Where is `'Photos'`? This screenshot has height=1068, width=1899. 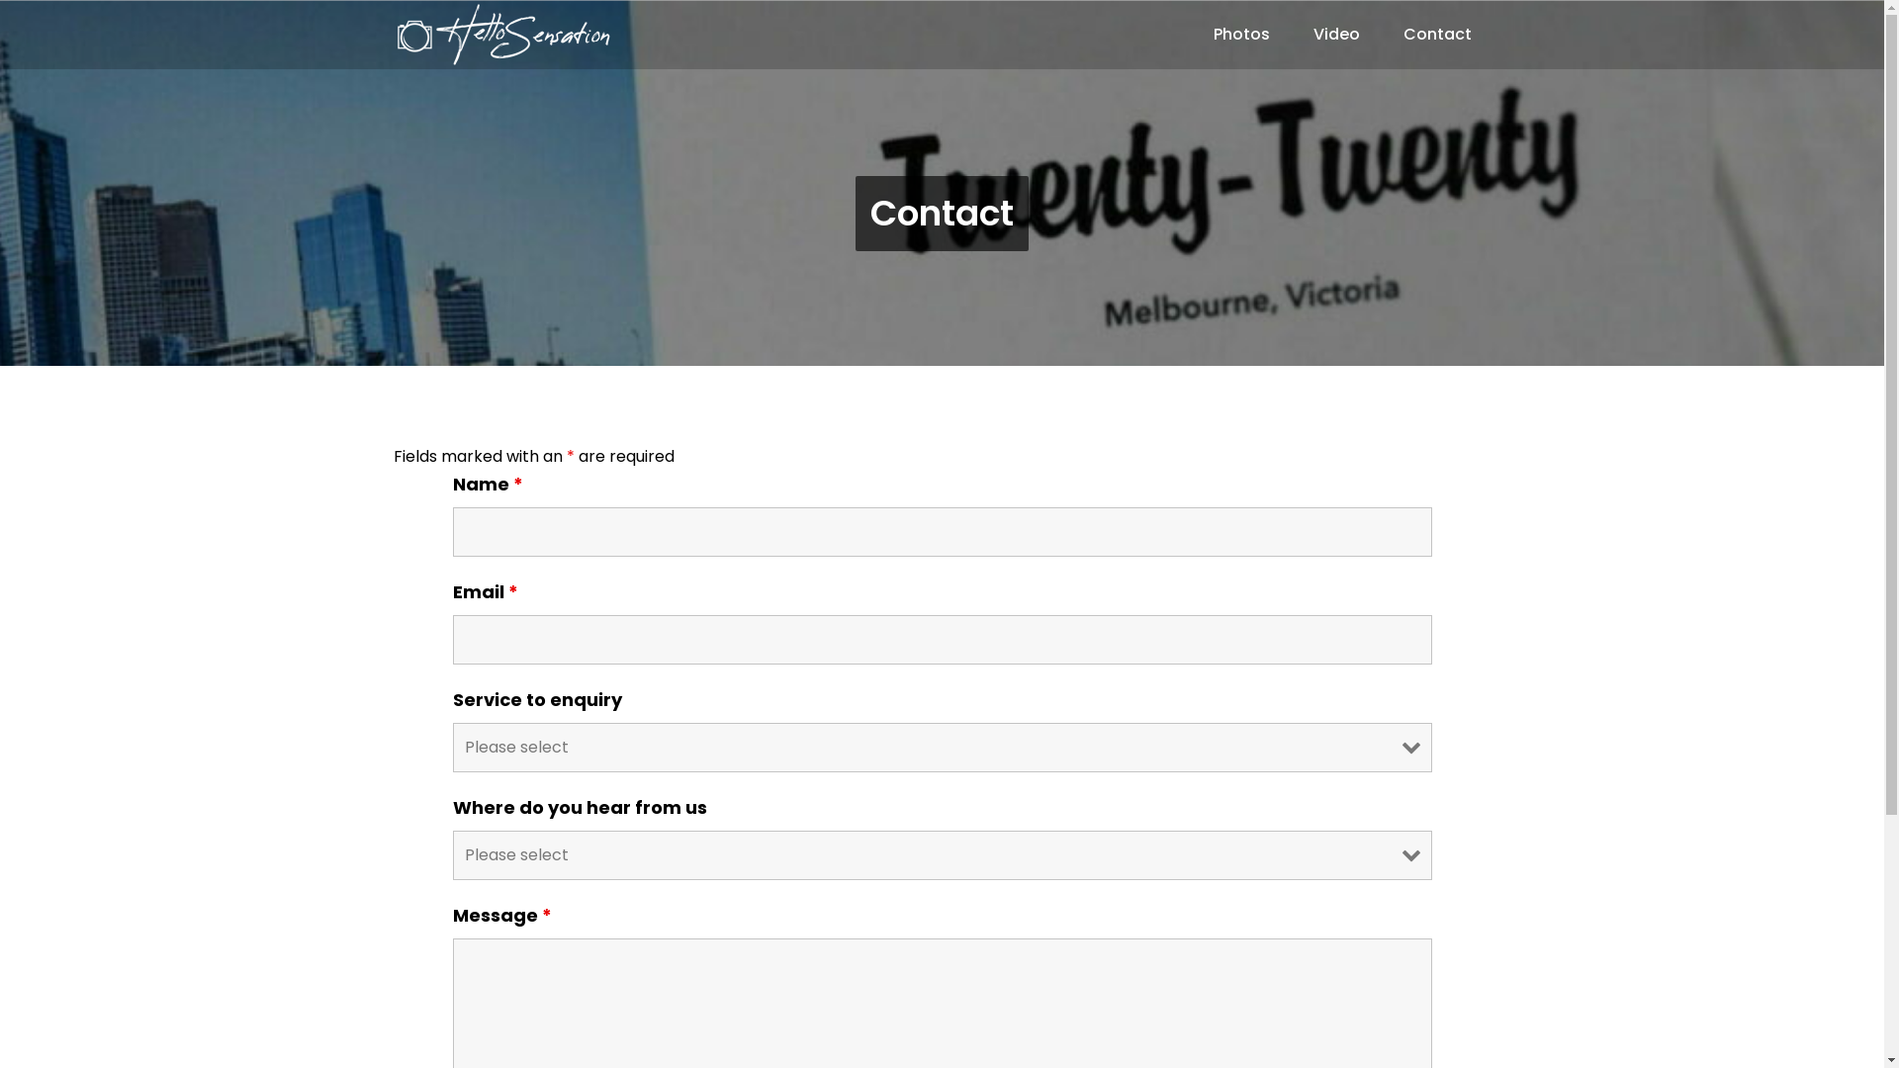
'Photos' is located at coordinates (1239, 34).